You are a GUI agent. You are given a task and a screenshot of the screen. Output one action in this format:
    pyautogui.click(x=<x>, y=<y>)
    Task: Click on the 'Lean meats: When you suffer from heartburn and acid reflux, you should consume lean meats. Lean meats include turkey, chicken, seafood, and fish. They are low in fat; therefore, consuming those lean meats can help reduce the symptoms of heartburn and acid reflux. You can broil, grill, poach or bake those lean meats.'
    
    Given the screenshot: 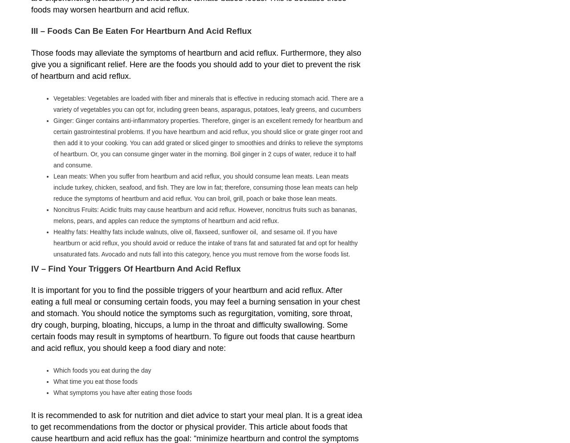 What is the action you would take?
    pyautogui.click(x=205, y=187)
    